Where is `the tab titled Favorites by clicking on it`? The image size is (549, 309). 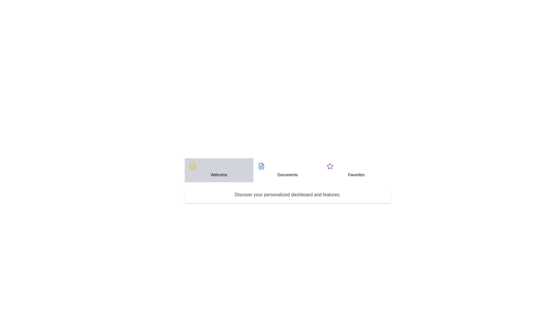
the tab titled Favorites by clicking on it is located at coordinates (356, 170).